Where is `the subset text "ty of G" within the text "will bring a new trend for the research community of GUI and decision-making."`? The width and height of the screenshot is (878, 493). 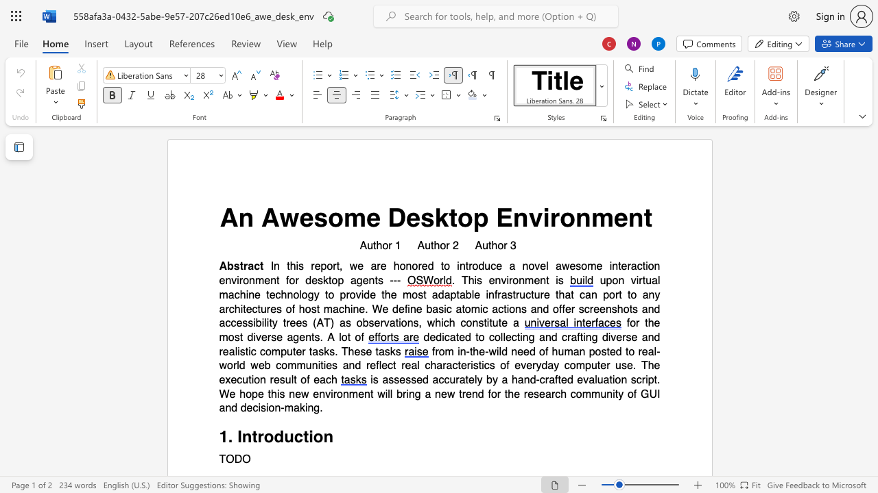 the subset text "ty of G" within the text "will bring a new trend for the research community of GUI and decision-making." is located at coordinates (614, 394).